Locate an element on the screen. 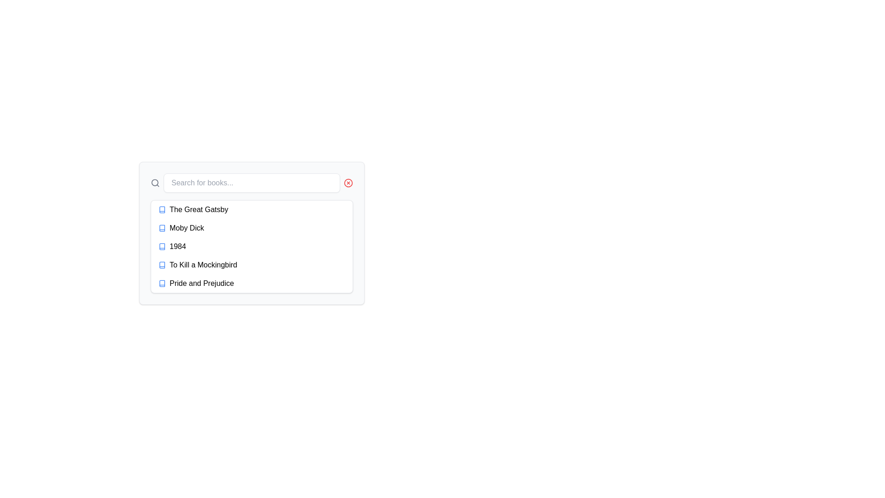  the book icon representing 'To Kill a Mockingbird', which is the fourth book in the list is located at coordinates (162, 265).